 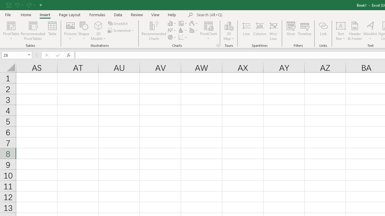 What do you see at coordinates (323, 31) in the screenshot?
I see `'Link'` at bounding box center [323, 31].